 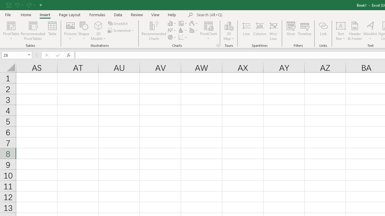 What do you see at coordinates (323, 31) in the screenshot?
I see `'Link'` at bounding box center [323, 31].